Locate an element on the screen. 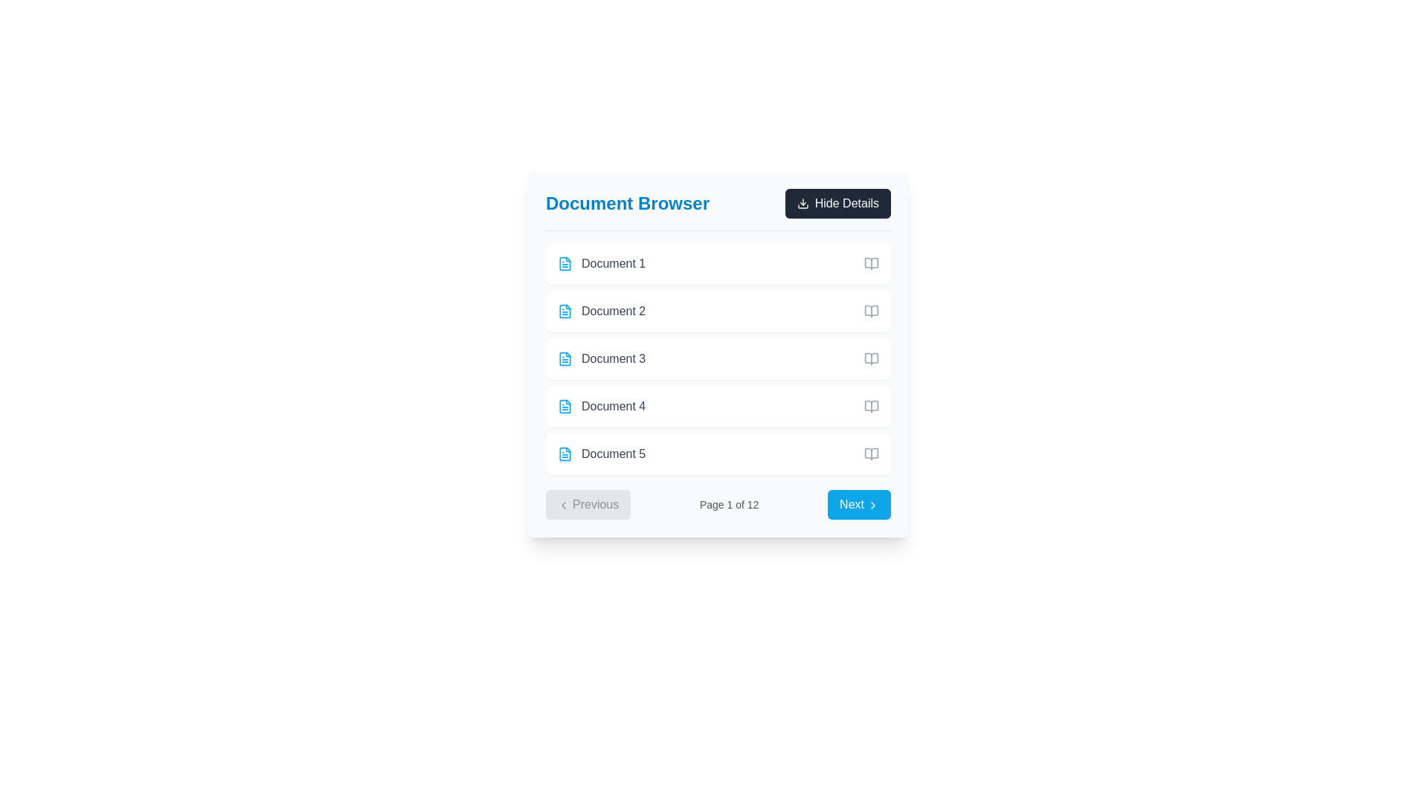  text content of the label displaying 'Document 5', which is styled with a gray font and located in the 'Document Browser' interface as the fifth entry in a vertical list is located at coordinates (614, 453).